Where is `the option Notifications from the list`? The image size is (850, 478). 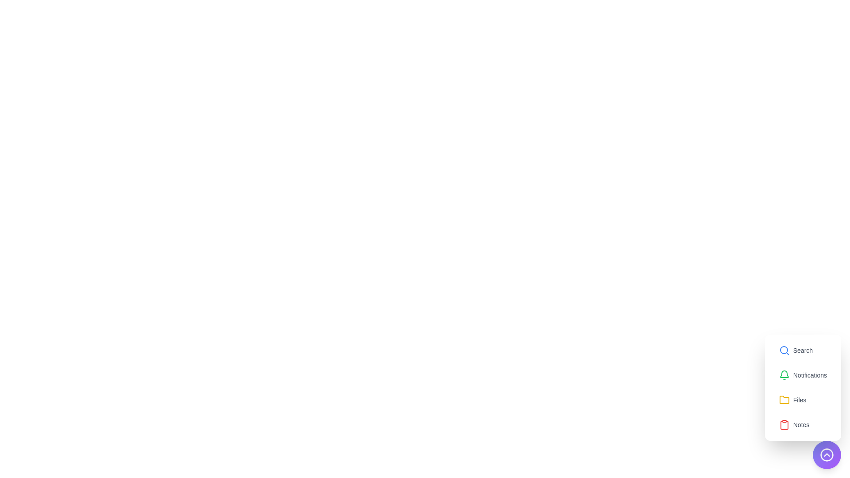 the option Notifications from the list is located at coordinates (803, 375).